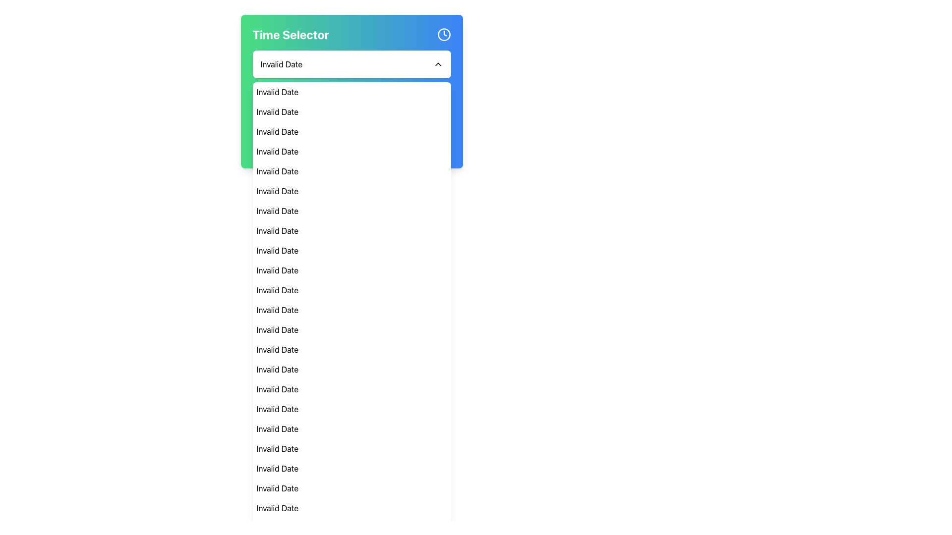  Describe the element at coordinates (352, 309) in the screenshot. I see `the twelfth item in the dropdown menu` at that location.